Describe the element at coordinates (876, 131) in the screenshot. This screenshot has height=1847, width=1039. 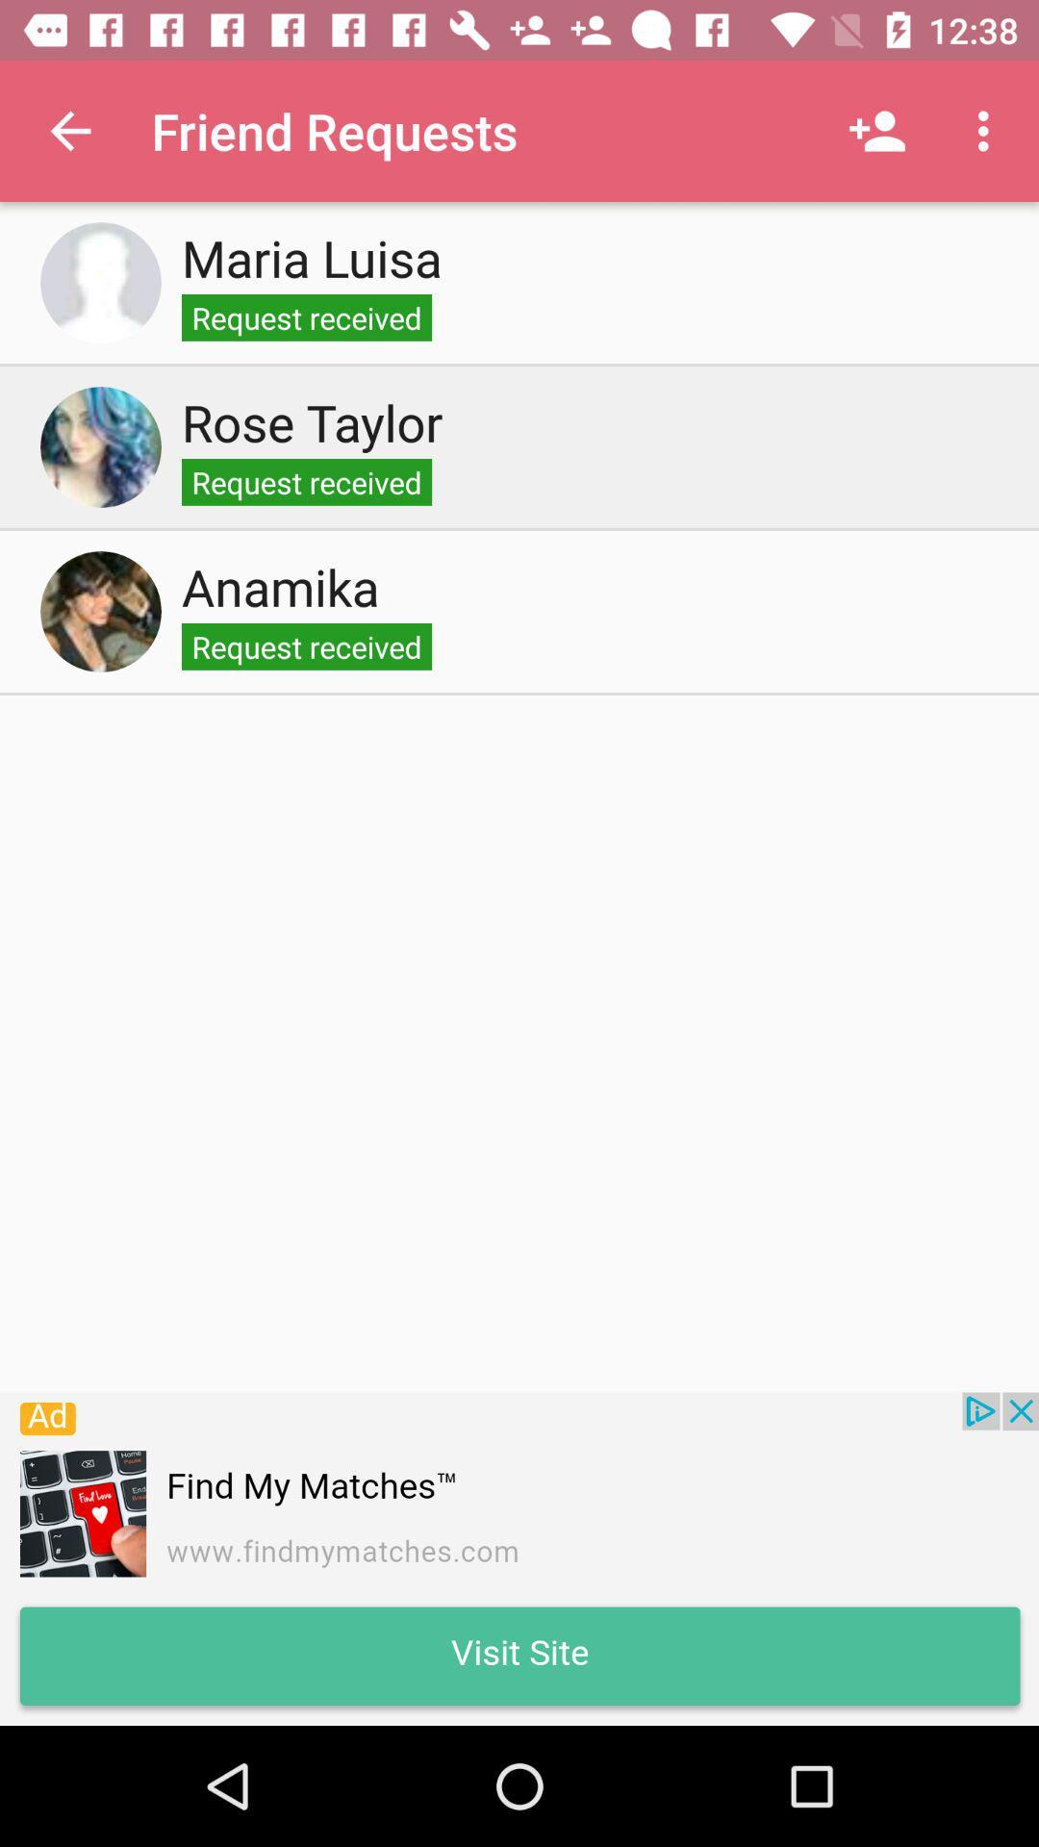
I see `the button which is right to the text friend requests` at that location.